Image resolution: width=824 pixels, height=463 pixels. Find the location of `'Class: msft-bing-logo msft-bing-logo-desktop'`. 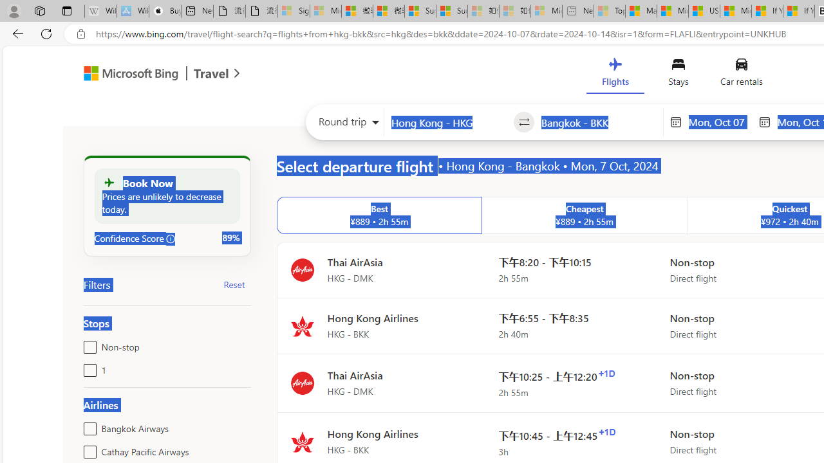

'Class: msft-bing-logo msft-bing-logo-desktop' is located at coordinates (128, 73).